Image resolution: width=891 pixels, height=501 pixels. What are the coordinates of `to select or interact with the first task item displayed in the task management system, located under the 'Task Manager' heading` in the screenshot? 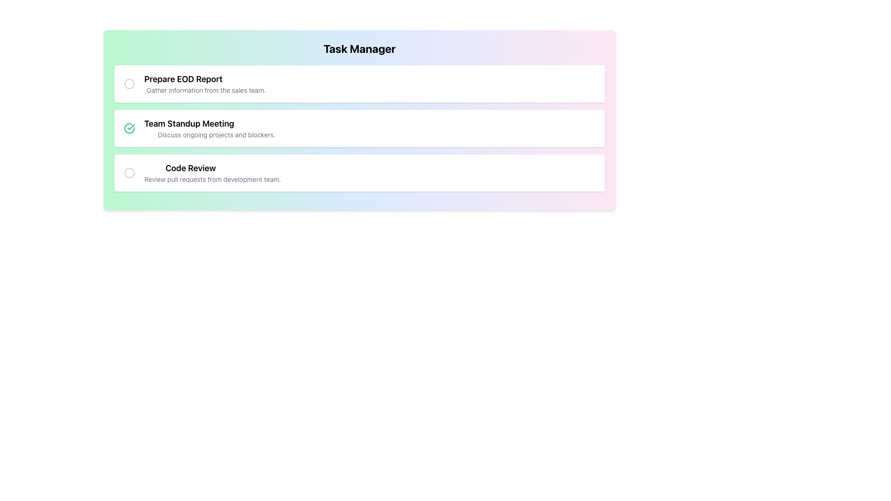 It's located at (194, 84).